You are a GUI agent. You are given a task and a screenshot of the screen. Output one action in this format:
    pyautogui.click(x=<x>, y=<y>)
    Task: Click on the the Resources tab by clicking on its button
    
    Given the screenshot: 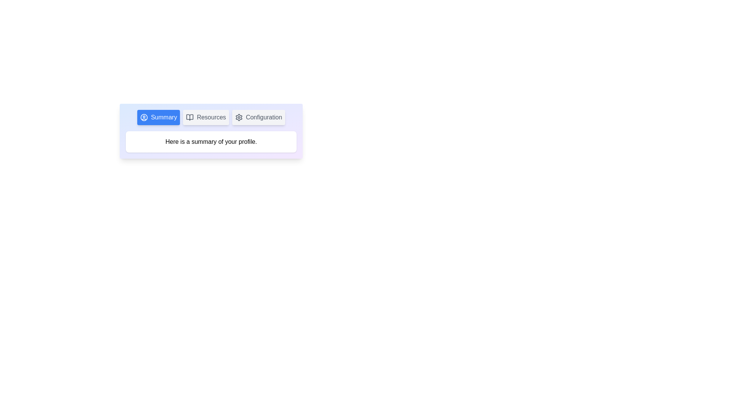 What is the action you would take?
    pyautogui.click(x=205, y=117)
    